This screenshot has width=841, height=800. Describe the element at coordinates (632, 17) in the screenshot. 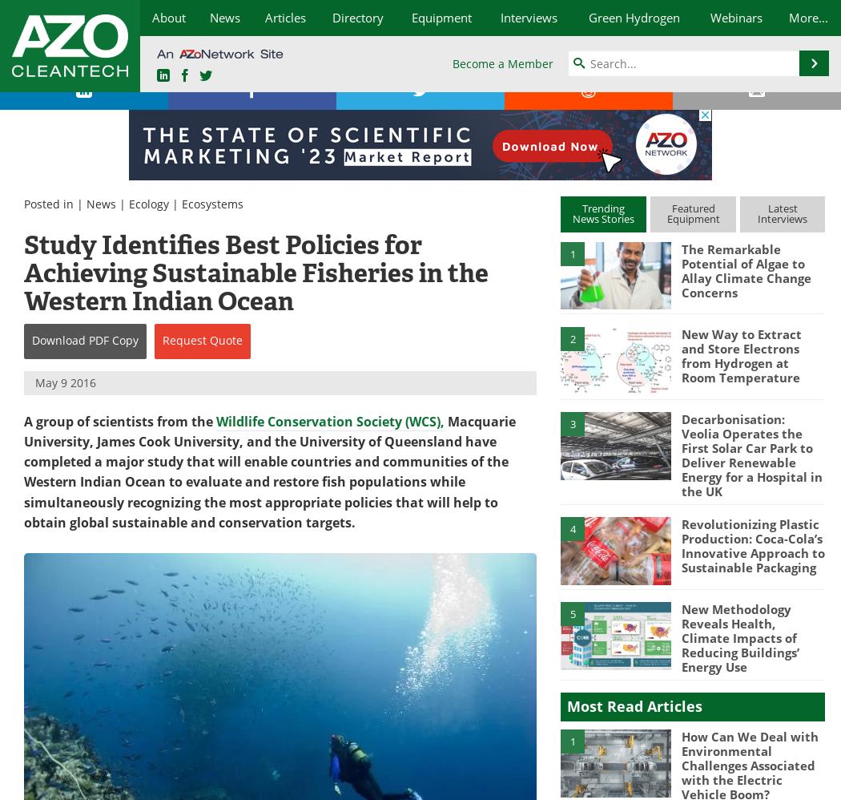

I see `'Green Hydrogen'` at that location.